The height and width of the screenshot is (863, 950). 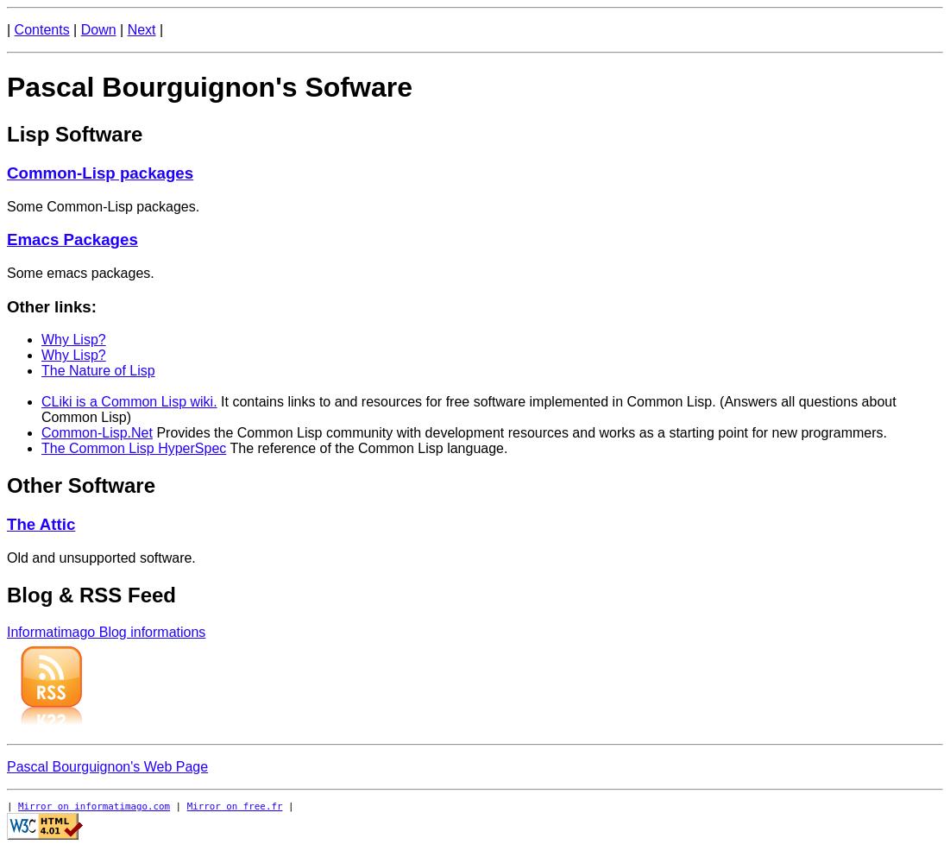 What do you see at coordinates (103, 205) in the screenshot?
I see `'Some Common-Lisp packages.'` at bounding box center [103, 205].